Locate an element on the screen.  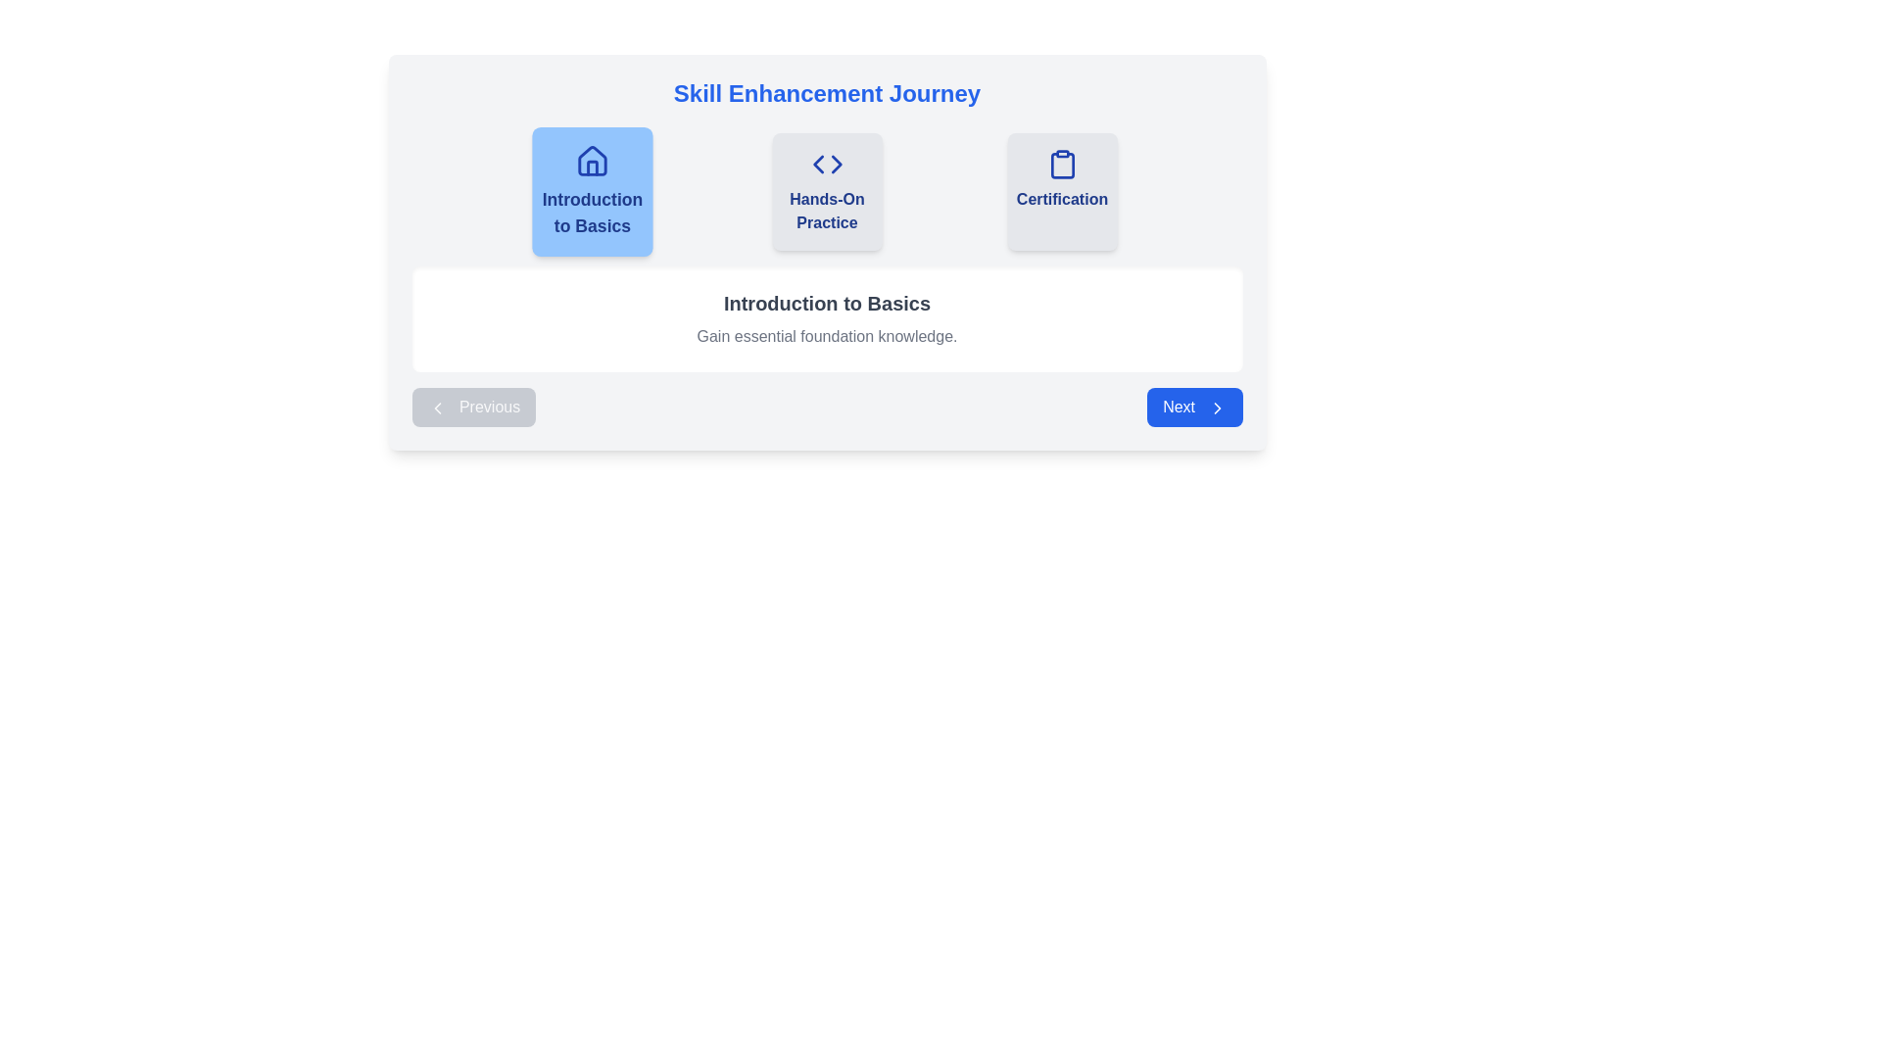
the coding icon in the 'Hands-On Practice' section, which visually represents coding and is located centrally between 'Introduction to Basics' and 'Certification' is located at coordinates (827, 164).